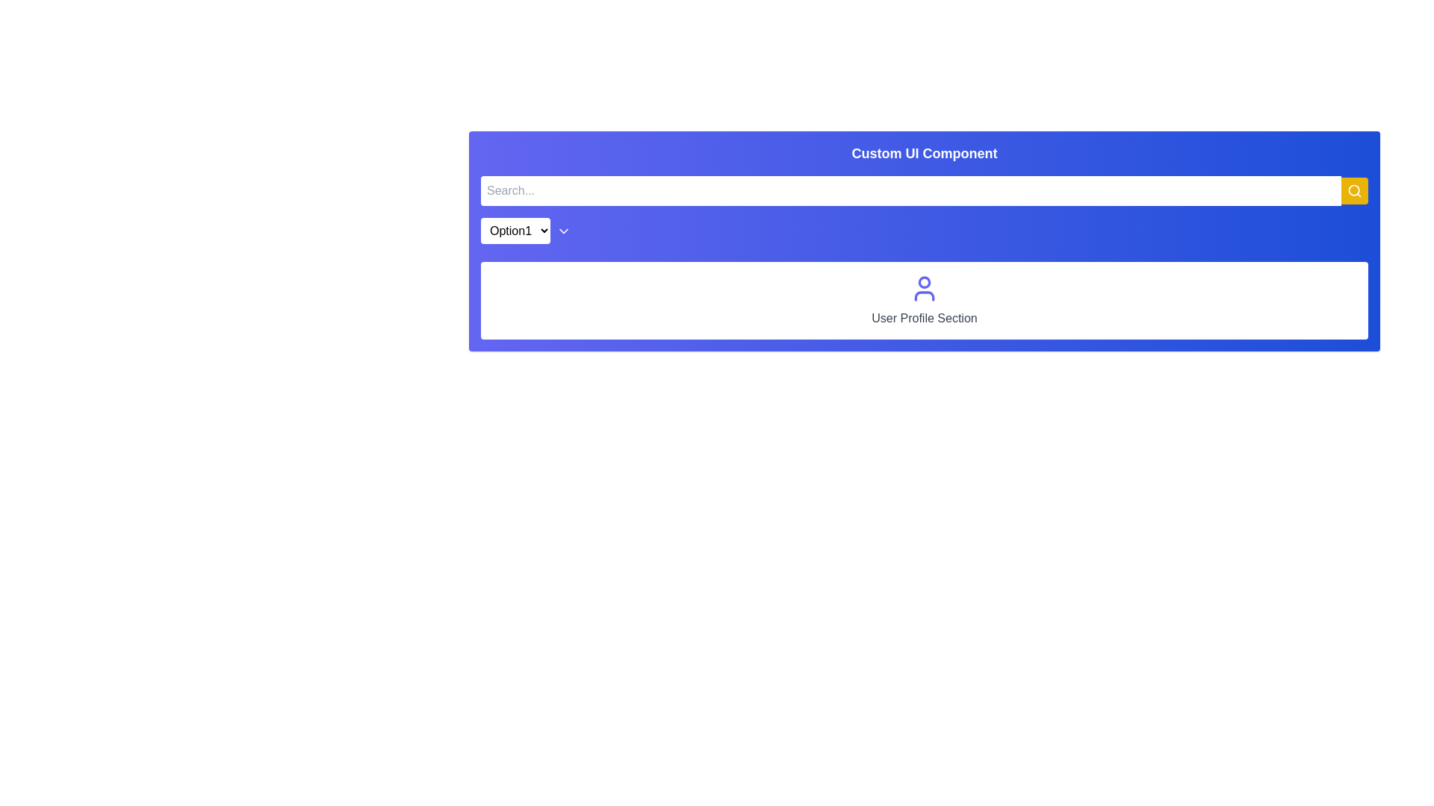 The height and width of the screenshot is (806, 1434). I want to click on the circular graphic representing the user's head in the user profile icon, which is centrally positioned above the shoulders in the user profile section, so click(924, 282).